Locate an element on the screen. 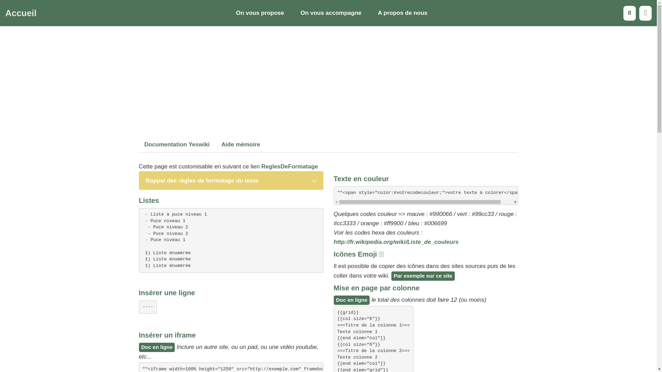 The image size is (662, 372). 'Accueil' is located at coordinates (21, 13).